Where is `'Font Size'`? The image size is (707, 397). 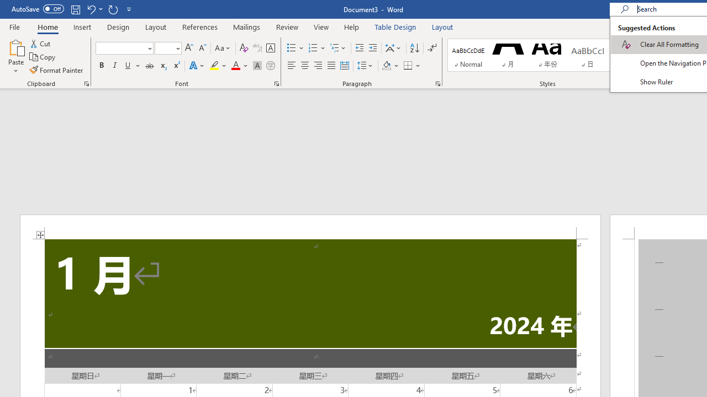 'Font Size' is located at coordinates (167, 47).